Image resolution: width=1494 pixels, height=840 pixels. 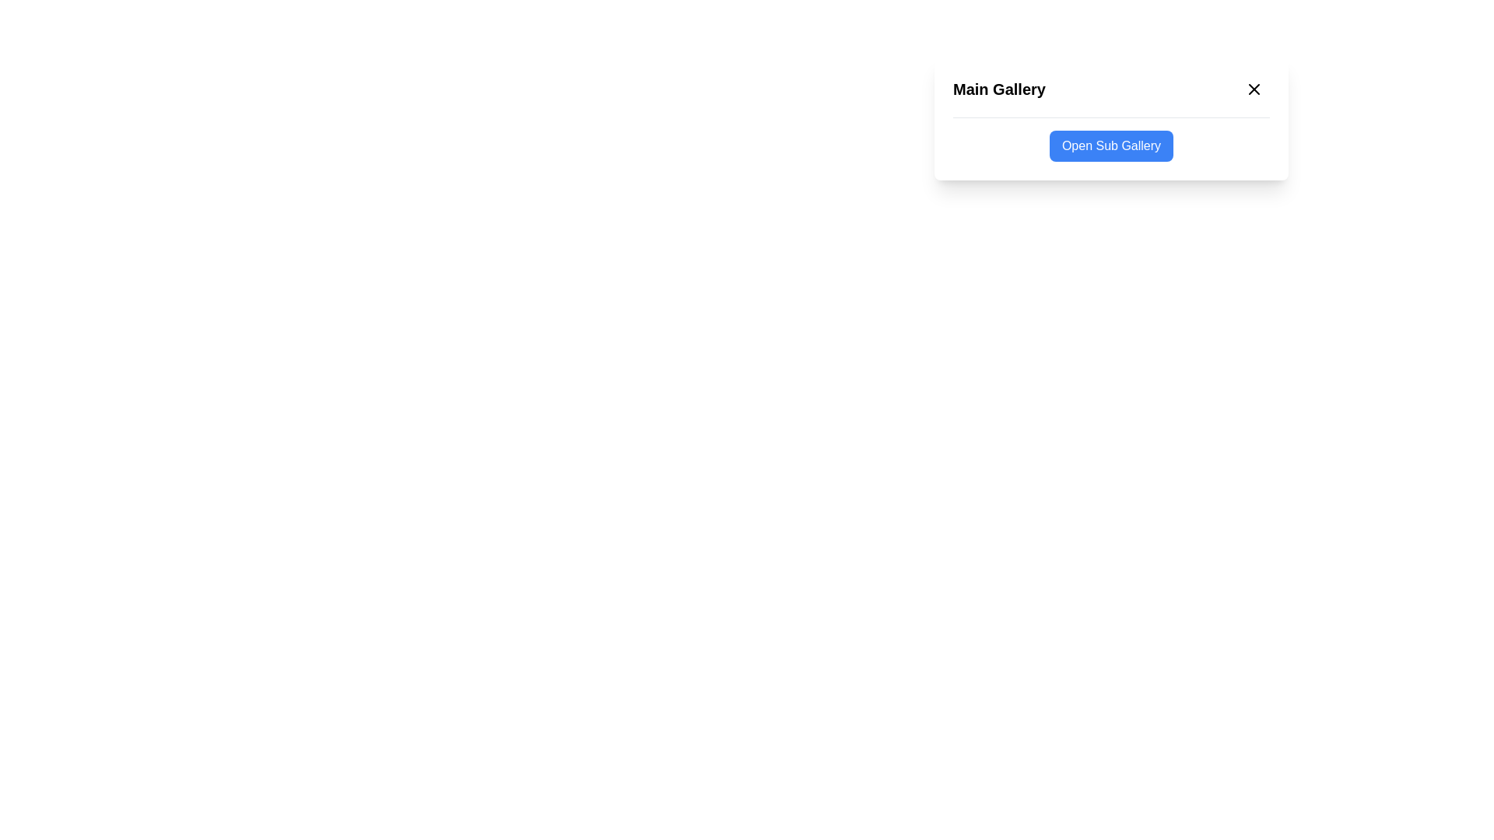 What do you see at coordinates (1110, 146) in the screenshot?
I see `the button located below the dividing line and under the text 'Main Gallery'` at bounding box center [1110, 146].